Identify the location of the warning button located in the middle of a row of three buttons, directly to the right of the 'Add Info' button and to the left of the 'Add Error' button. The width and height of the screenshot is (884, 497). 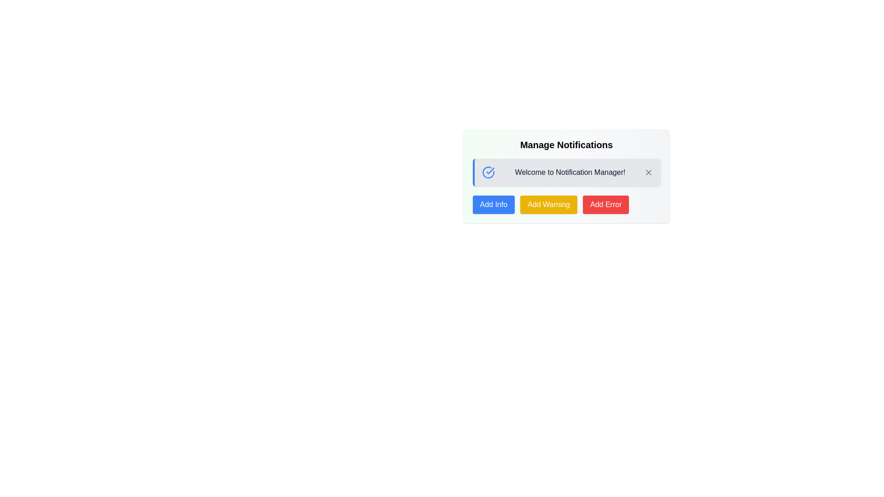
(549, 204).